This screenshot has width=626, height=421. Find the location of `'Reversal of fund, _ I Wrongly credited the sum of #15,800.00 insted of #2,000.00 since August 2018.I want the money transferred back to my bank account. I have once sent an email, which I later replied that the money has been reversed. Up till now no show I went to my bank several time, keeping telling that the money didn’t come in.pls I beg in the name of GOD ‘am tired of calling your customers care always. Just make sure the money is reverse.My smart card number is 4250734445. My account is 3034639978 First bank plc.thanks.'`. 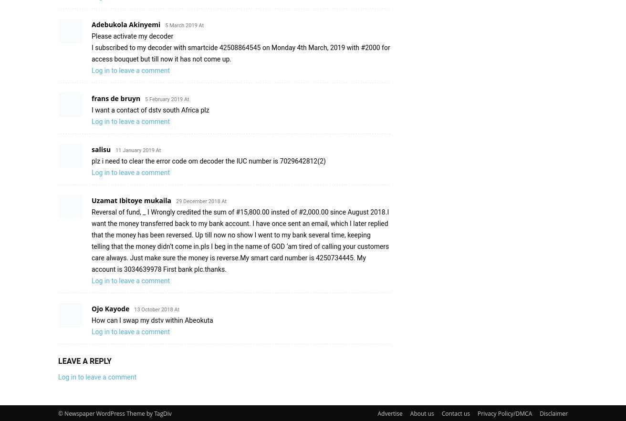

'Reversal of fund, _ I Wrongly credited the sum of #15,800.00 insted of #2,000.00 since August 2018.I want the money transferred back to my bank account. I have once sent an email, which I later replied that the money has been reversed. Up till now no show I went to my bank several time, keeping telling that the money didn’t come in.pls I beg in the name of GOD ‘am tired of calling your customers care always. Just make sure the money is reverse.My smart card number is 4250734445. My account is 3034639978 First bank plc.thanks.' is located at coordinates (240, 240).